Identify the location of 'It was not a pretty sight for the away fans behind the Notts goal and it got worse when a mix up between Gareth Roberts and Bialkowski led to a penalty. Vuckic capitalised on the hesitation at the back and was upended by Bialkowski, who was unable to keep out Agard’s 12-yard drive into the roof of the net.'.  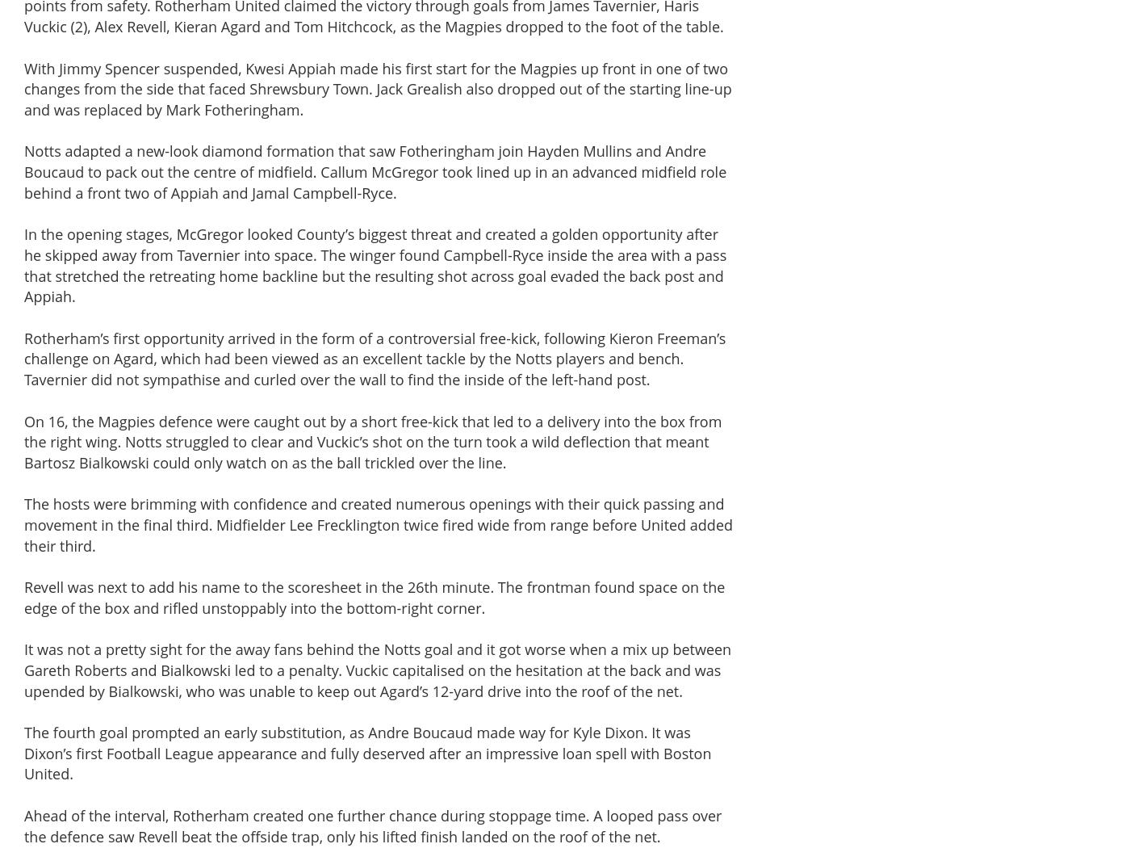
(378, 669).